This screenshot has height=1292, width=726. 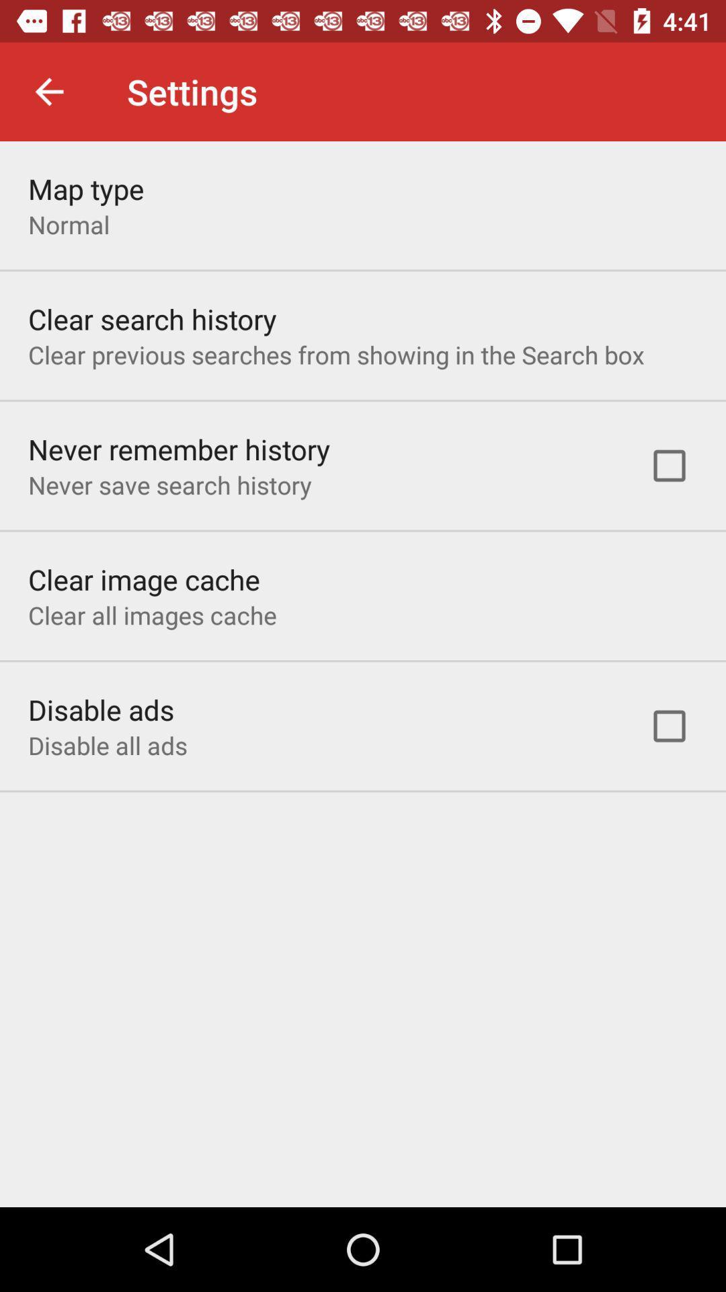 I want to click on the item above clear search history, so click(x=69, y=224).